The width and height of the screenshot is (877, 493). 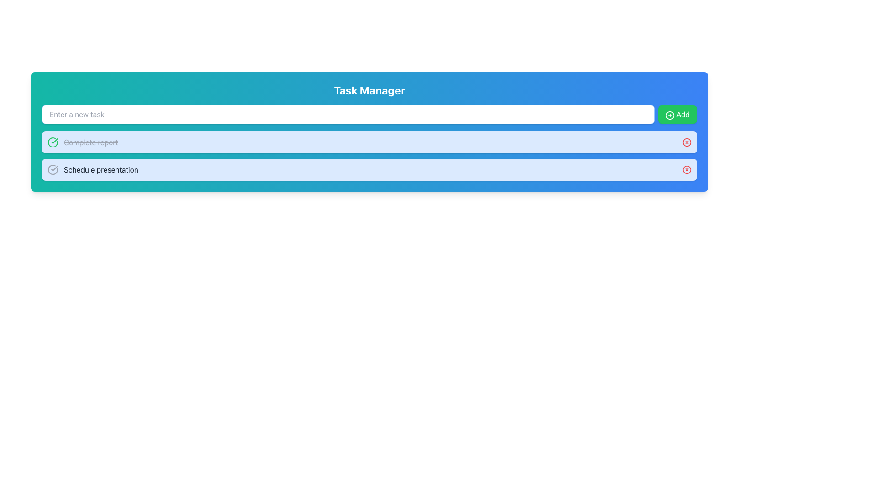 I want to click on the 'Task Manager' static text element, which is a bold and large white font label against a teal to blue gradient background, located above the task entry input field, so click(x=370, y=90).